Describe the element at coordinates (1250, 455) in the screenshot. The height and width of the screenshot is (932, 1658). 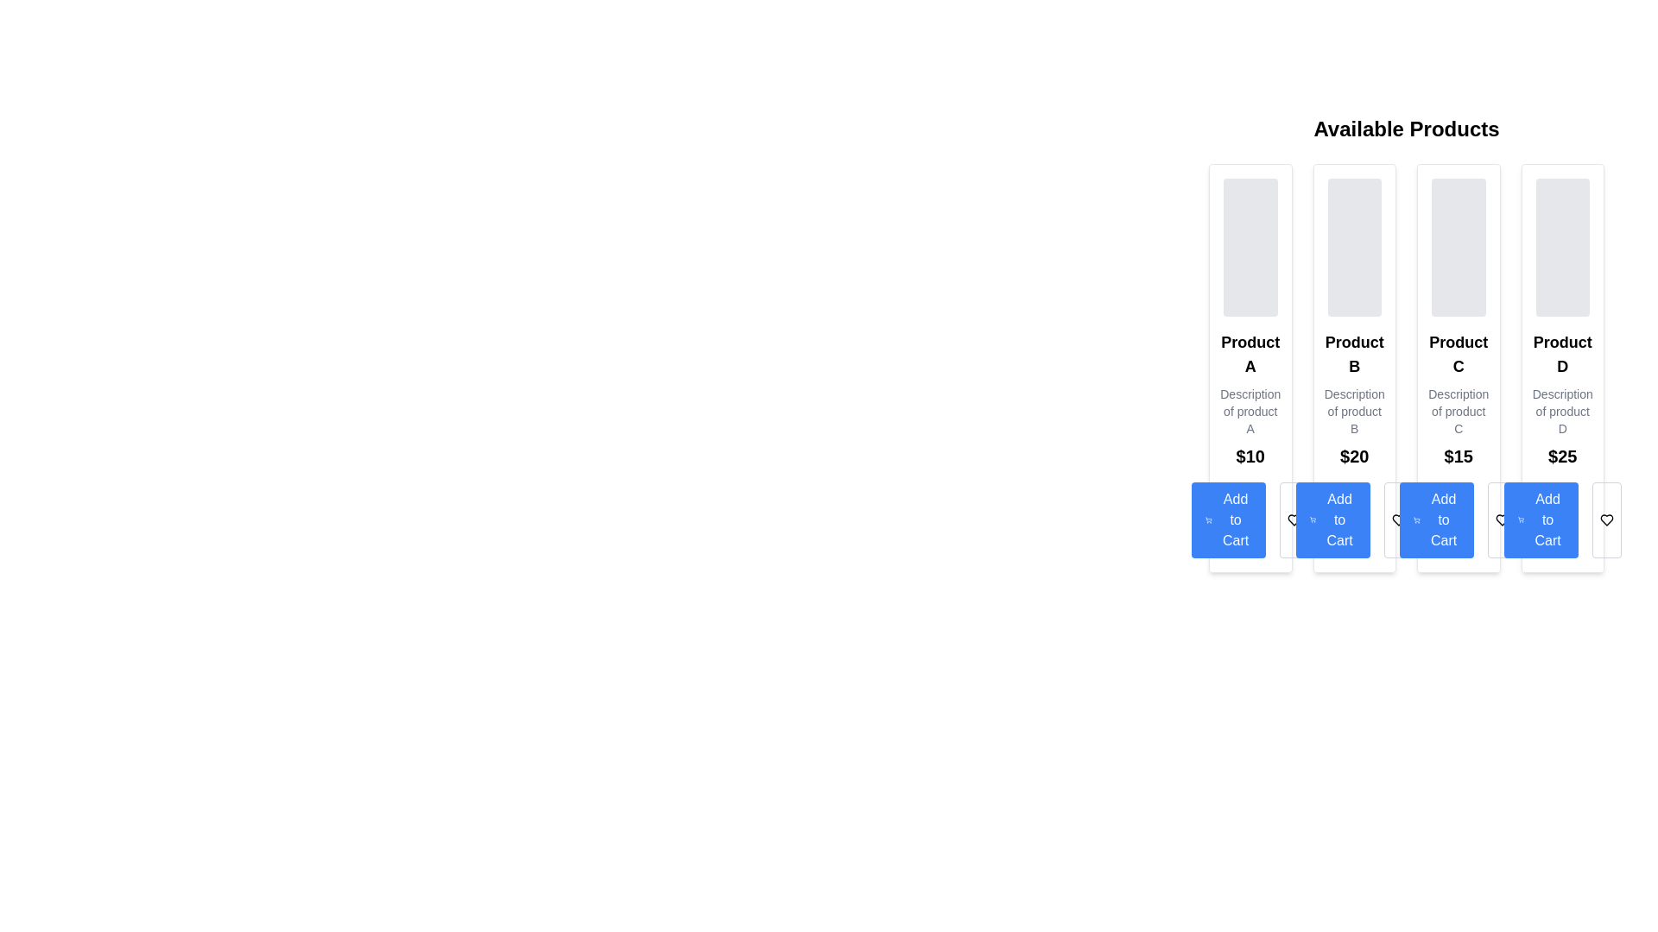
I see `price information text located below the description text of 'Product A' and above the 'Add to Cart' button in the product card layout` at that location.